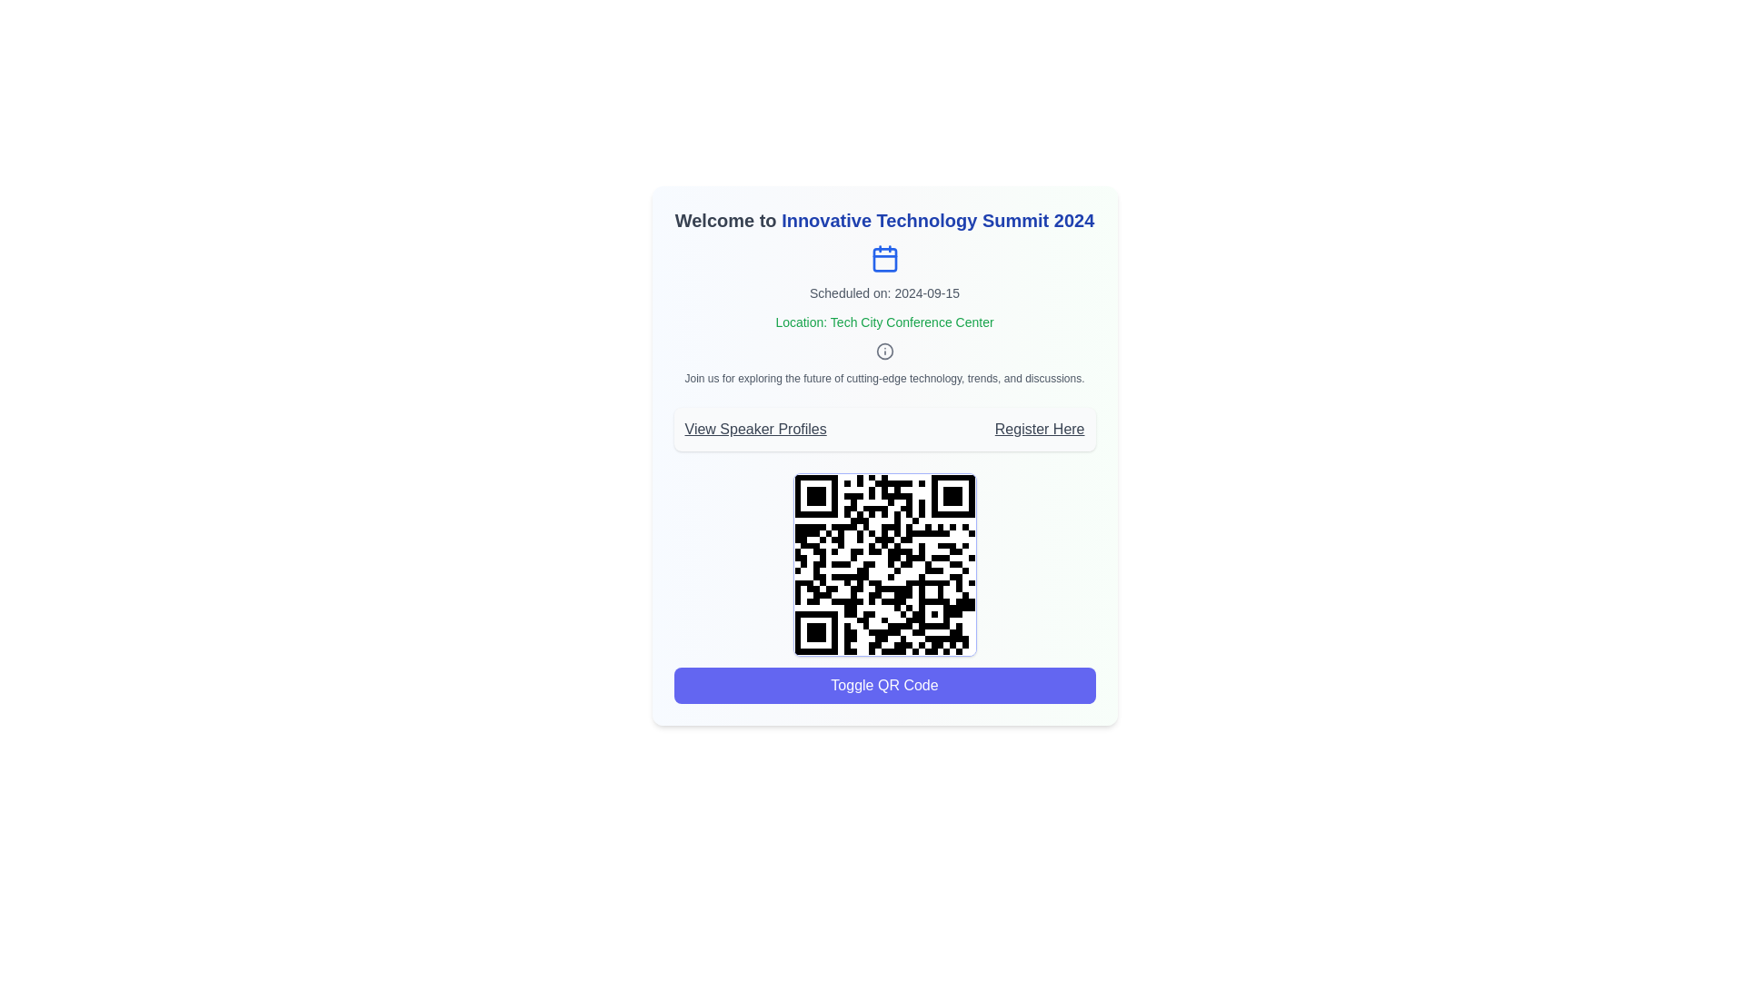 The width and height of the screenshot is (1745, 981). I want to click on the small, circular gray icon with a centered dot, so click(884, 351).